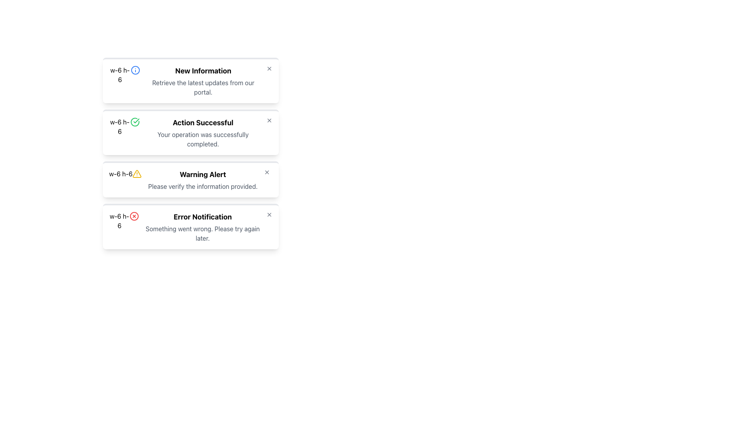 This screenshot has height=424, width=754. What do you see at coordinates (267, 172) in the screenshot?
I see `the dismiss button located at the top-right end of the 'Warning Alert' notification card` at bounding box center [267, 172].